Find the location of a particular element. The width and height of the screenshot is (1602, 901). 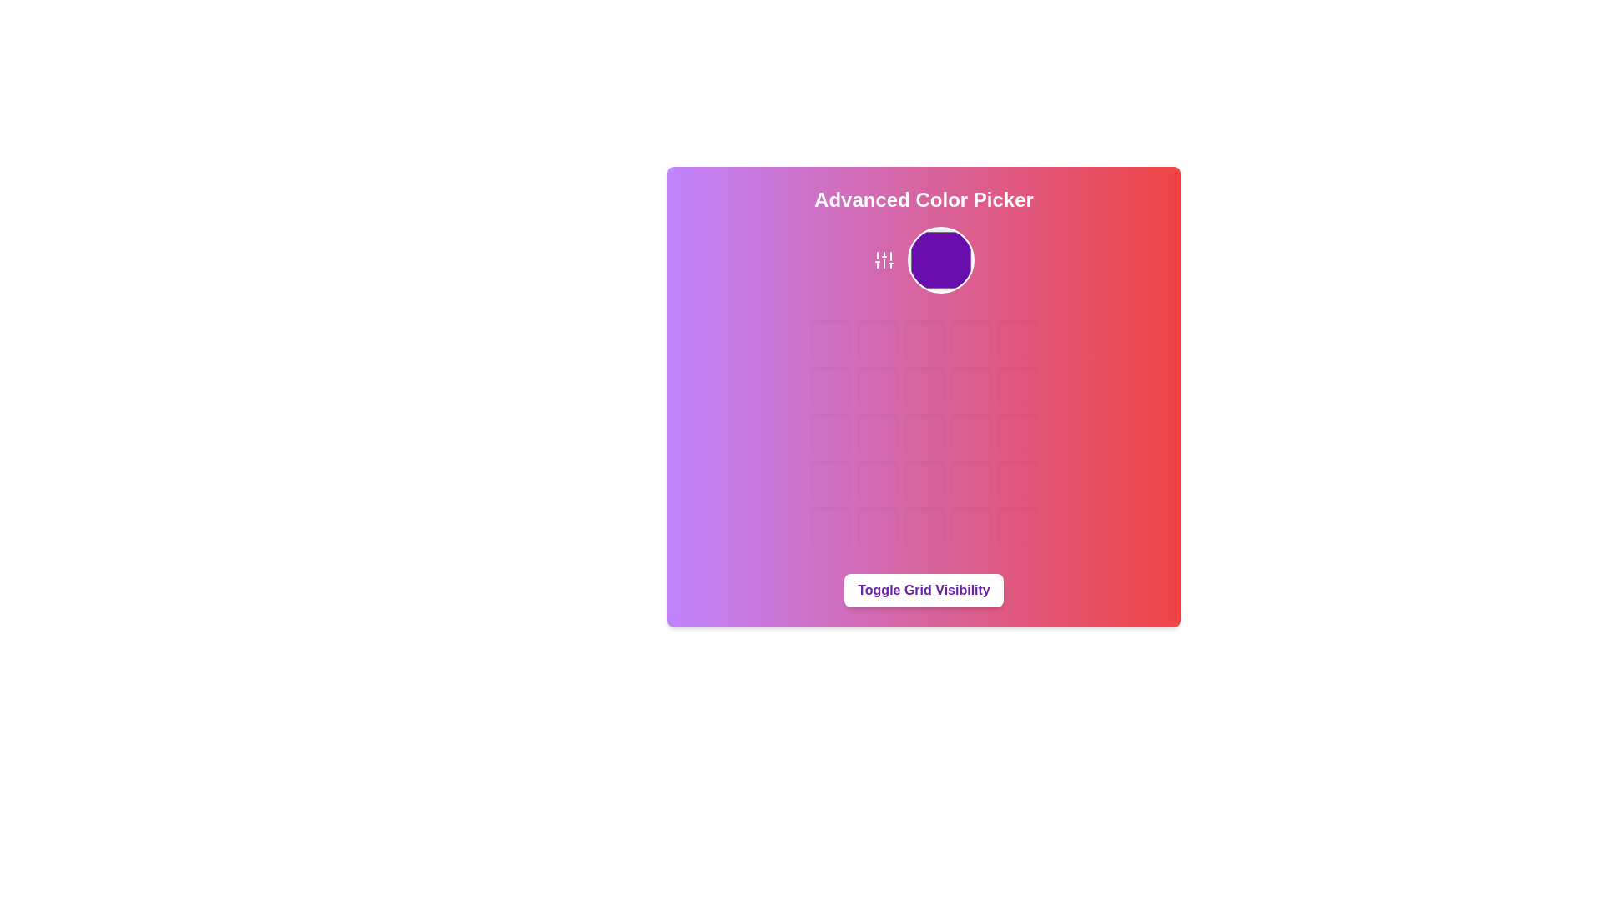

the square grid cell located in the first row and fourth column is located at coordinates (970, 340).